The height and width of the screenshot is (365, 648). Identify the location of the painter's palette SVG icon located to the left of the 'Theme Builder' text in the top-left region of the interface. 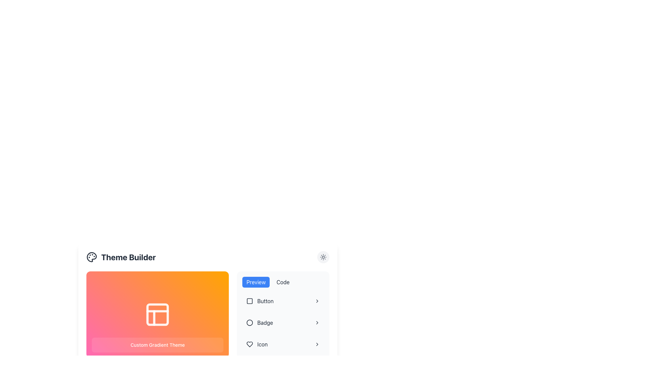
(91, 257).